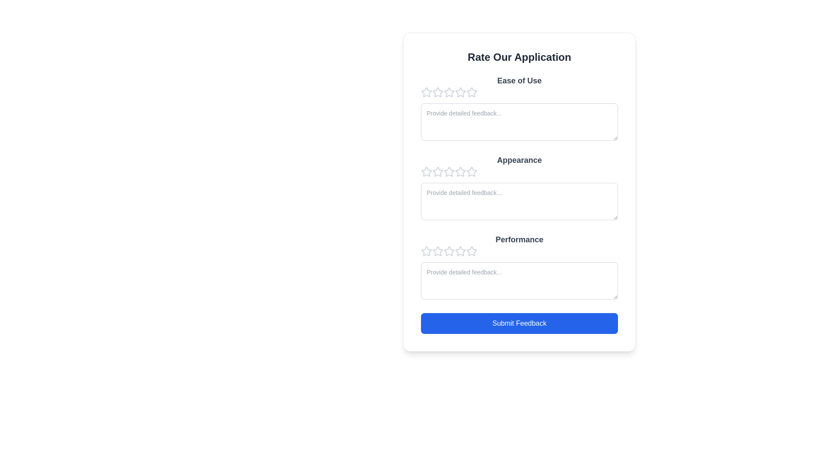  I want to click on the first star-shaped rating icon with a gray border located under the 'Appearance' label to rate it, so click(426, 172).